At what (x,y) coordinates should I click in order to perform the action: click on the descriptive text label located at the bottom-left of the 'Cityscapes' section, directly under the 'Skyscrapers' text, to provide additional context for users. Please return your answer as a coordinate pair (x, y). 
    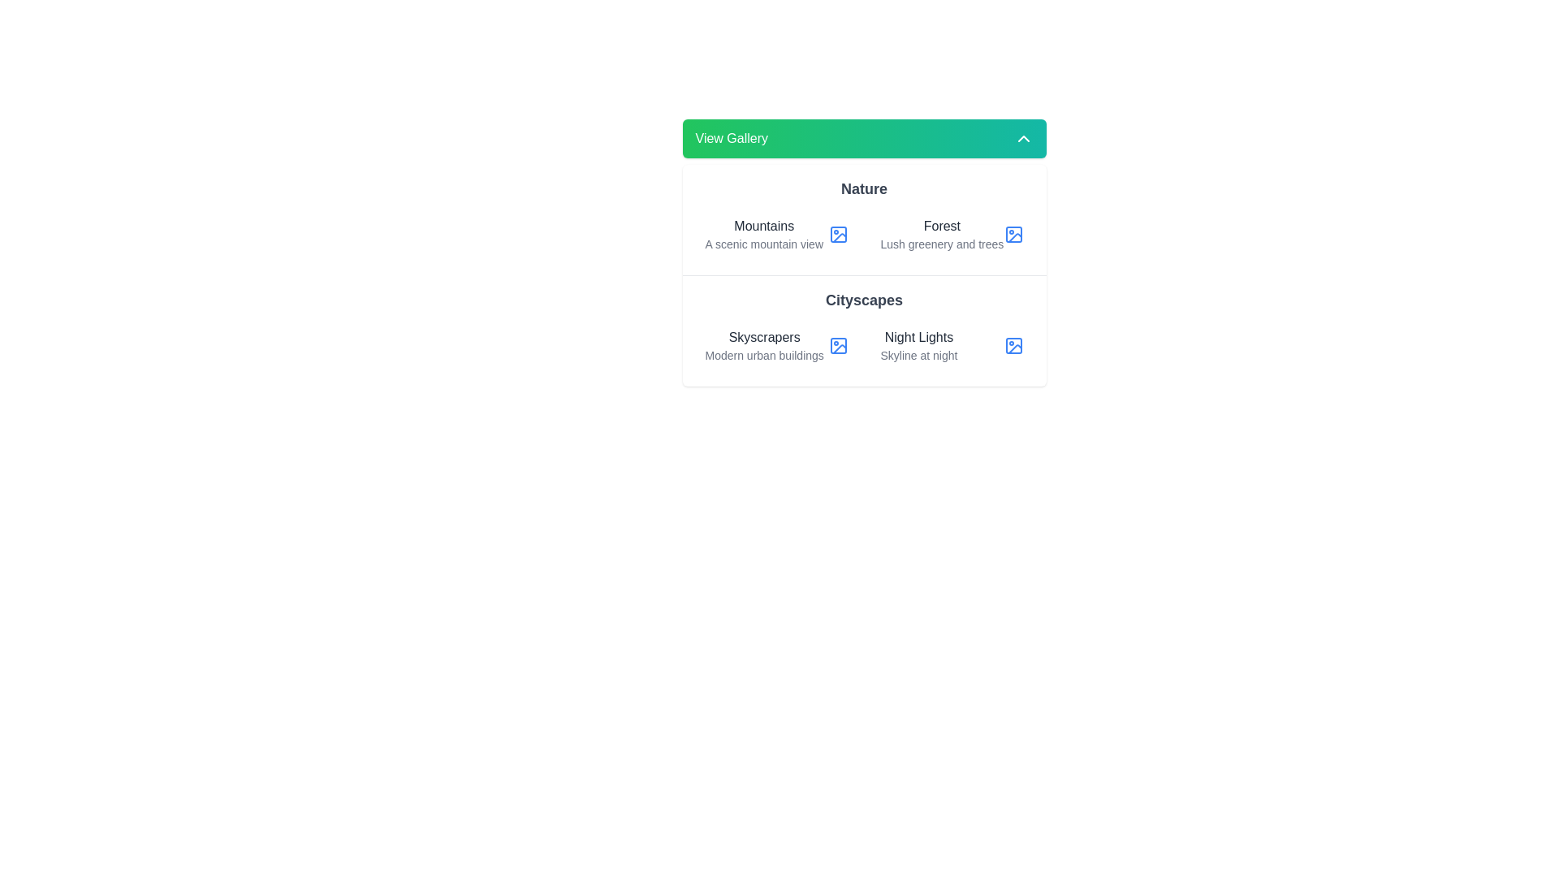
    Looking at the image, I should click on (763, 355).